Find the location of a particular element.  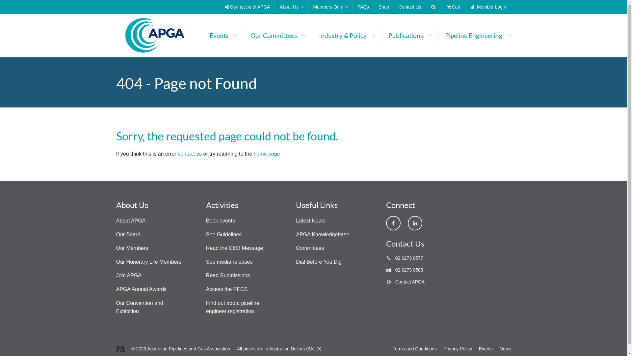

'Events' is located at coordinates (203, 36).